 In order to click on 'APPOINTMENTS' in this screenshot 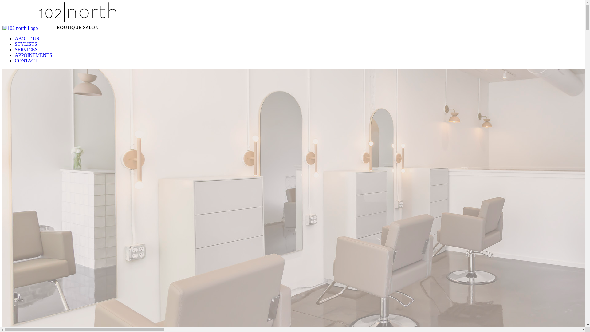, I will do `click(33, 55)`.